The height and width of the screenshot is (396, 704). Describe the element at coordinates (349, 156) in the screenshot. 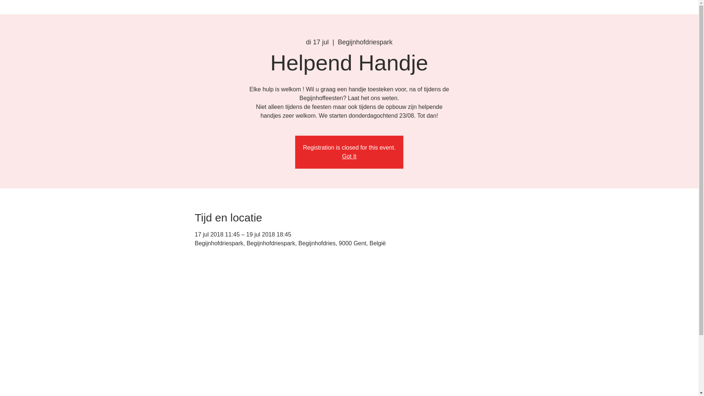

I see `'Got It'` at that location.